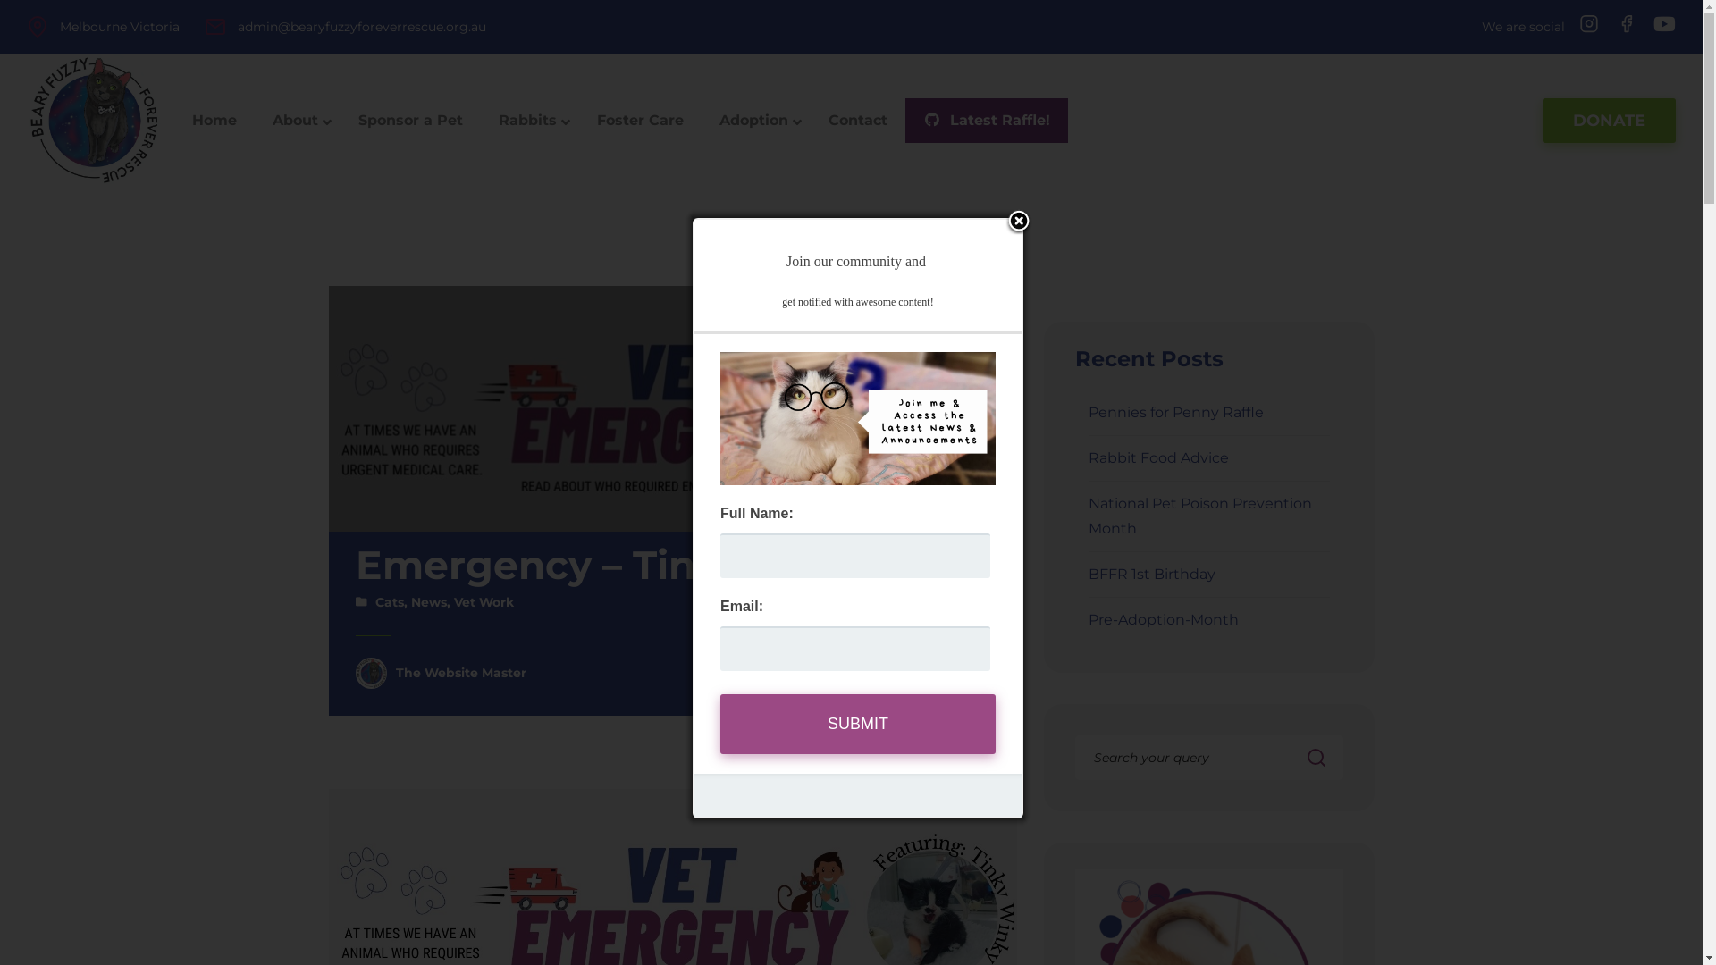 The width and height of the screenshot is (1716, 965). I want to click on 'Contact', so click(858, 121).